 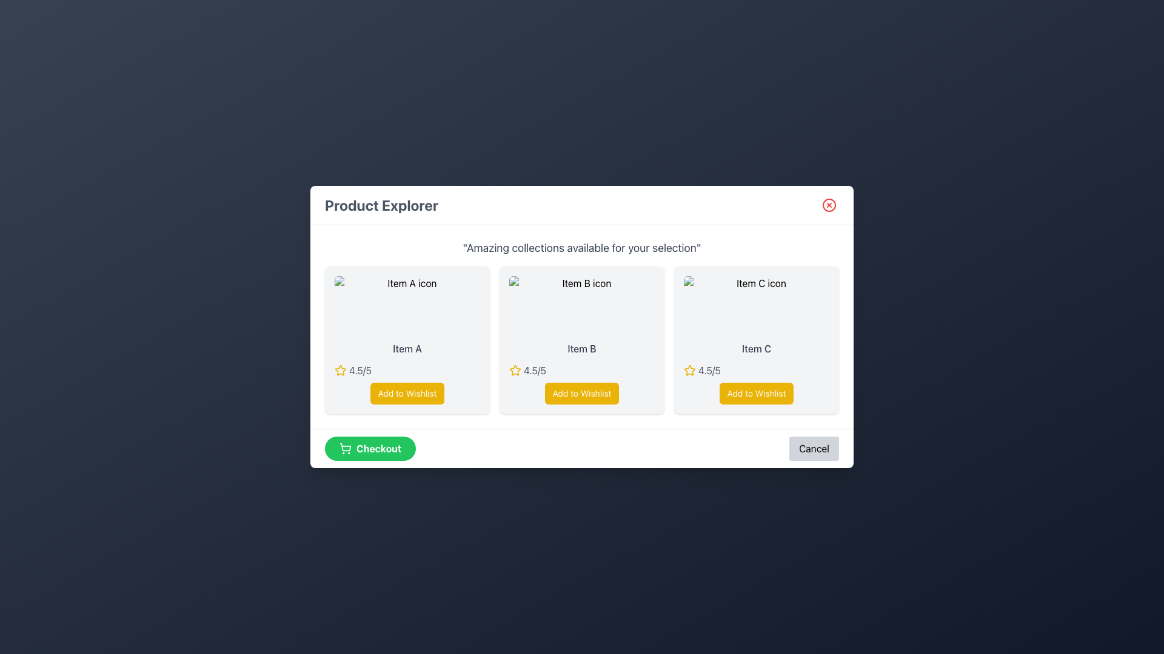 I want to click on the text element that reads 'Amazing collections available for your selection', which is centered at the top of the product explorer section, above the item grid, so click(x=582, y=247).